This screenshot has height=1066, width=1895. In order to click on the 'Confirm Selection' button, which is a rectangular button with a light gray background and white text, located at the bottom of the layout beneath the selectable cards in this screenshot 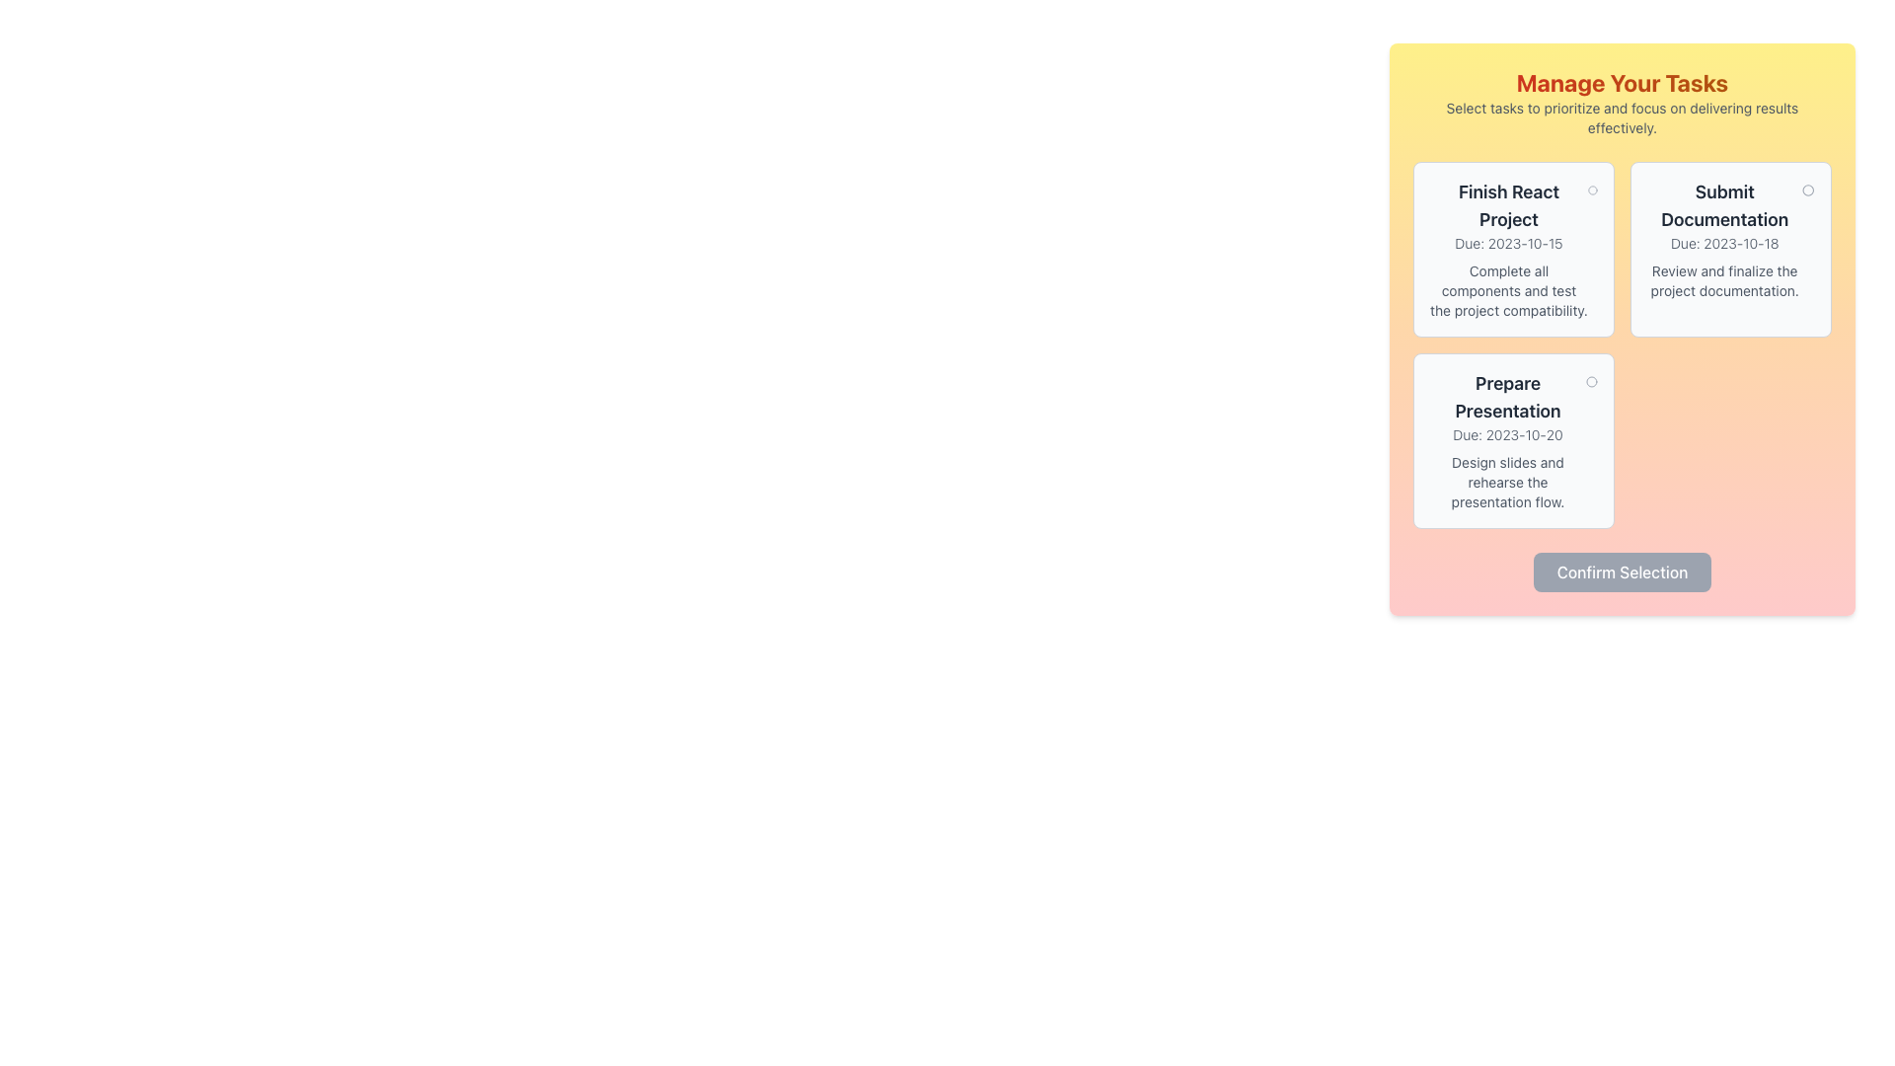, I will do `click(1622, 571)`.